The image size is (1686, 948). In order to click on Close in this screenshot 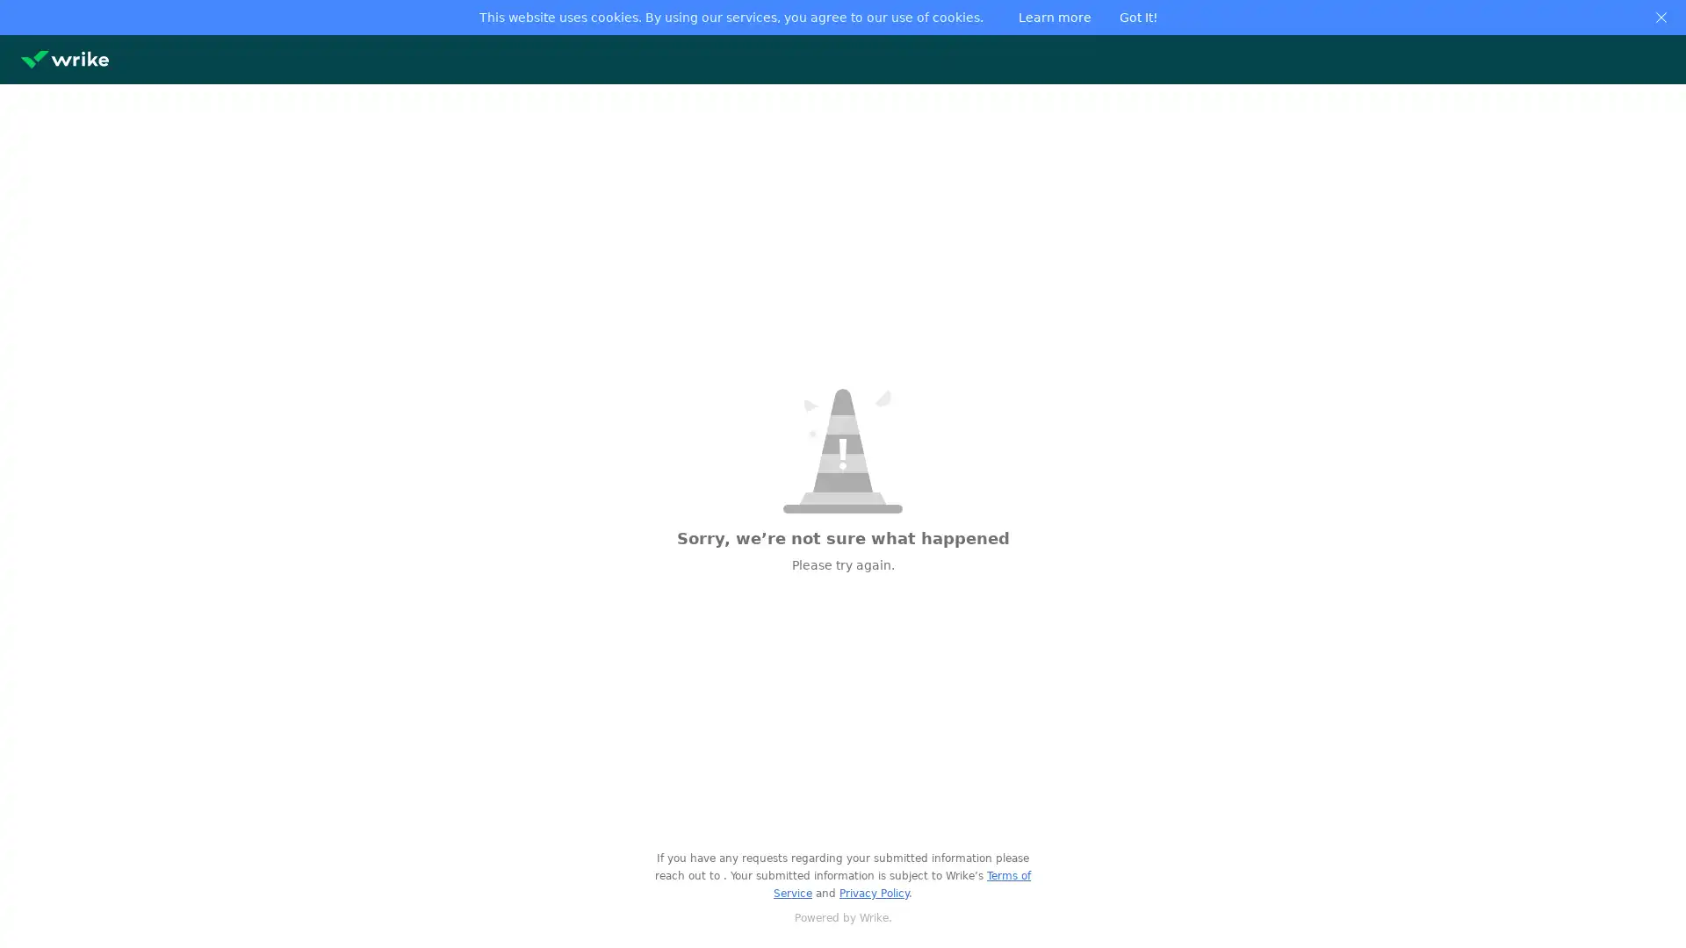, I will do `click(1660, 17)`.